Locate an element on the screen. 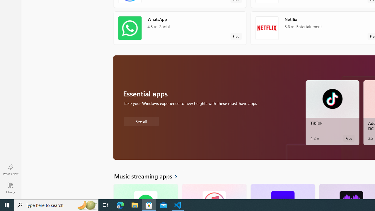 This screenshot has width=375, height=211. 'iTunes. Average rating of 2.5 out of five stars. Free  ' is located at coordinates (214, 191).